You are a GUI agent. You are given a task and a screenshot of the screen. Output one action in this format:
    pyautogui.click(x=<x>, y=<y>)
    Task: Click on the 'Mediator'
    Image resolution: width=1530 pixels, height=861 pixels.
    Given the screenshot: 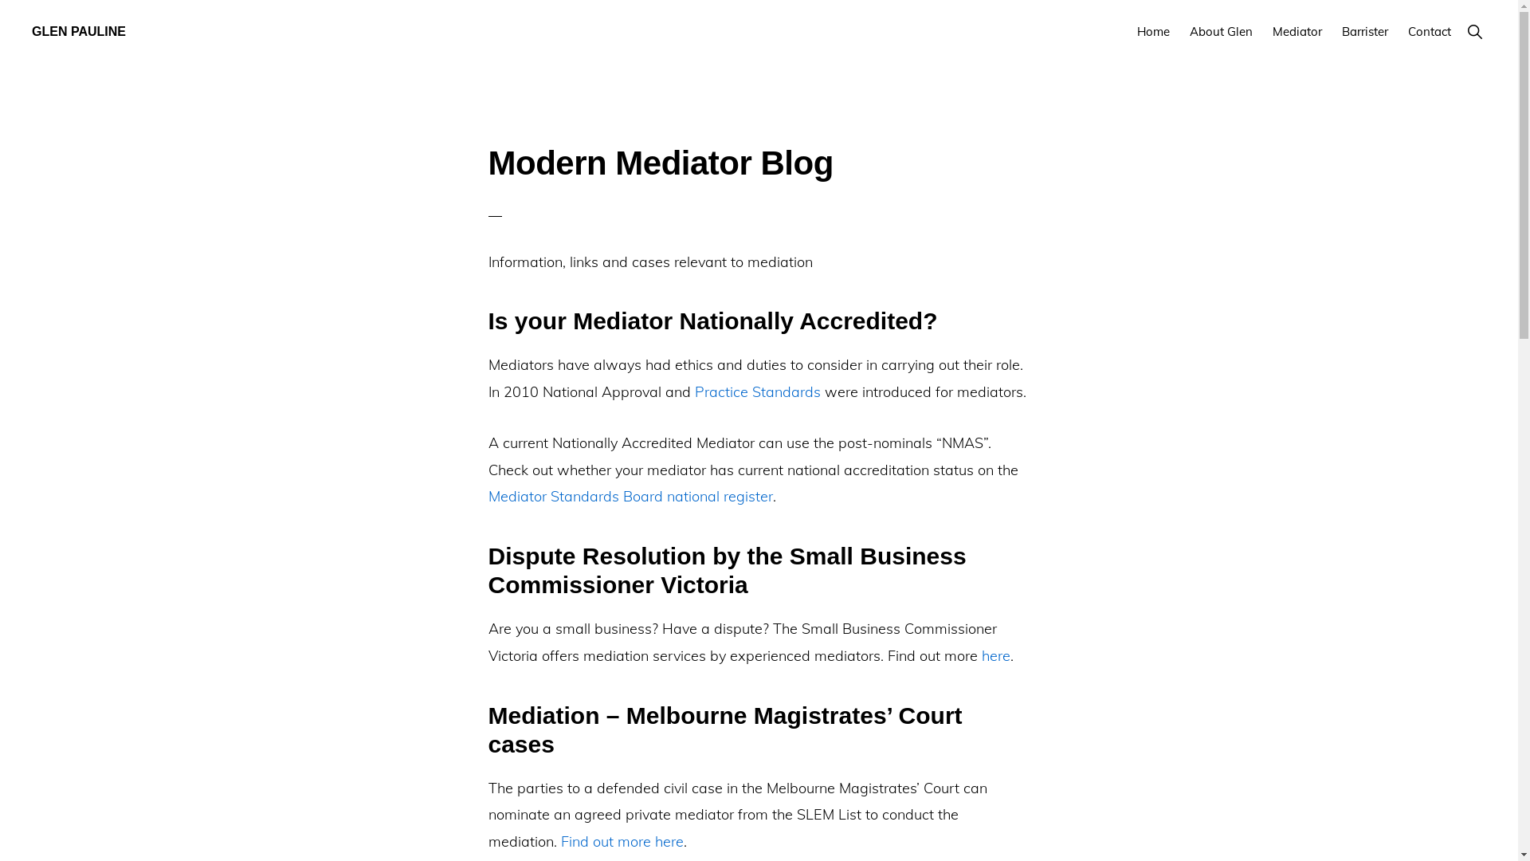 What is the action you would take?
    pyautogui.click(x=1264, y=31)
    